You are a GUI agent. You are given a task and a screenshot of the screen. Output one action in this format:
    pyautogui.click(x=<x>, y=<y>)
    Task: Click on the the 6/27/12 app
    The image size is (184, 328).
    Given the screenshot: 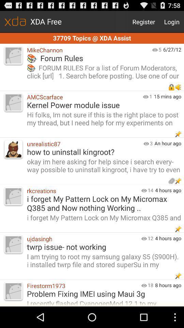 What is the action you would take?
    pyautogui.click(x=173, y=49)
    